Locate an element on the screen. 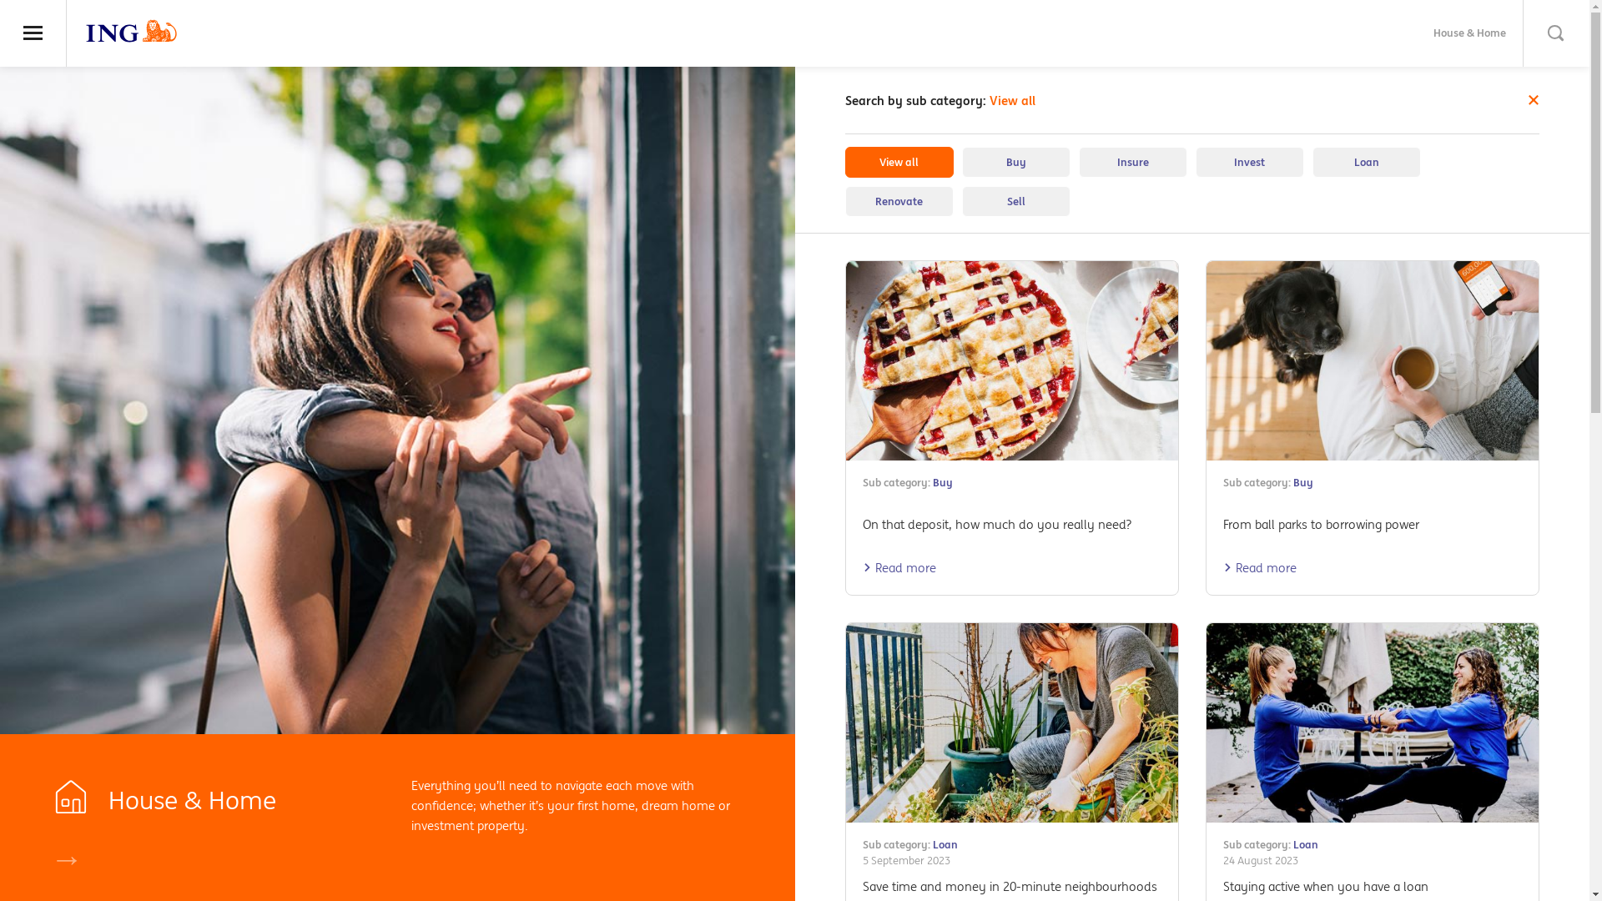 This screenshot has height=901, width=1602. 'Read more' is located at coordinates (899, 566).